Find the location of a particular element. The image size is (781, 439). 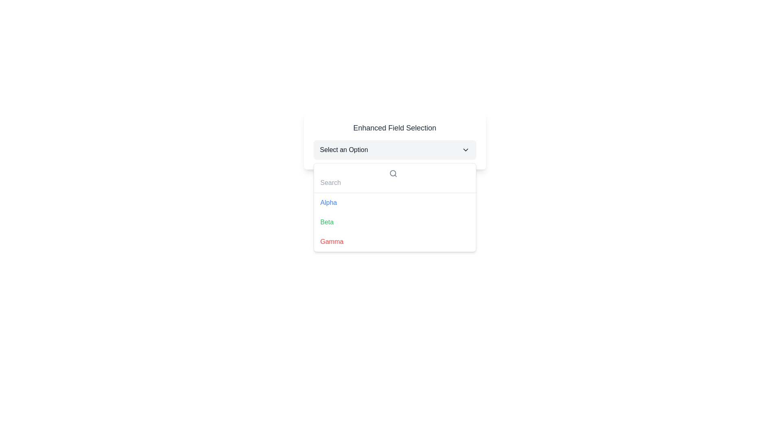

the first item 'Alpha' in the dropdown menu under the header 'Search' is located at coordinates (328, 202).